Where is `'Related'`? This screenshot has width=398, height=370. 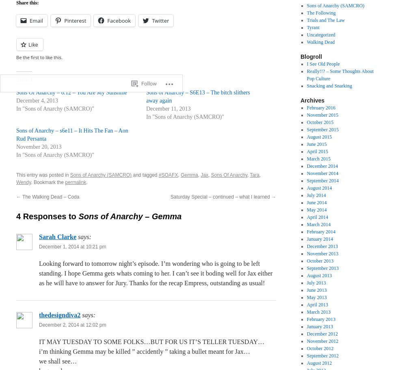 'Related' is located at coordinates (24, 80).